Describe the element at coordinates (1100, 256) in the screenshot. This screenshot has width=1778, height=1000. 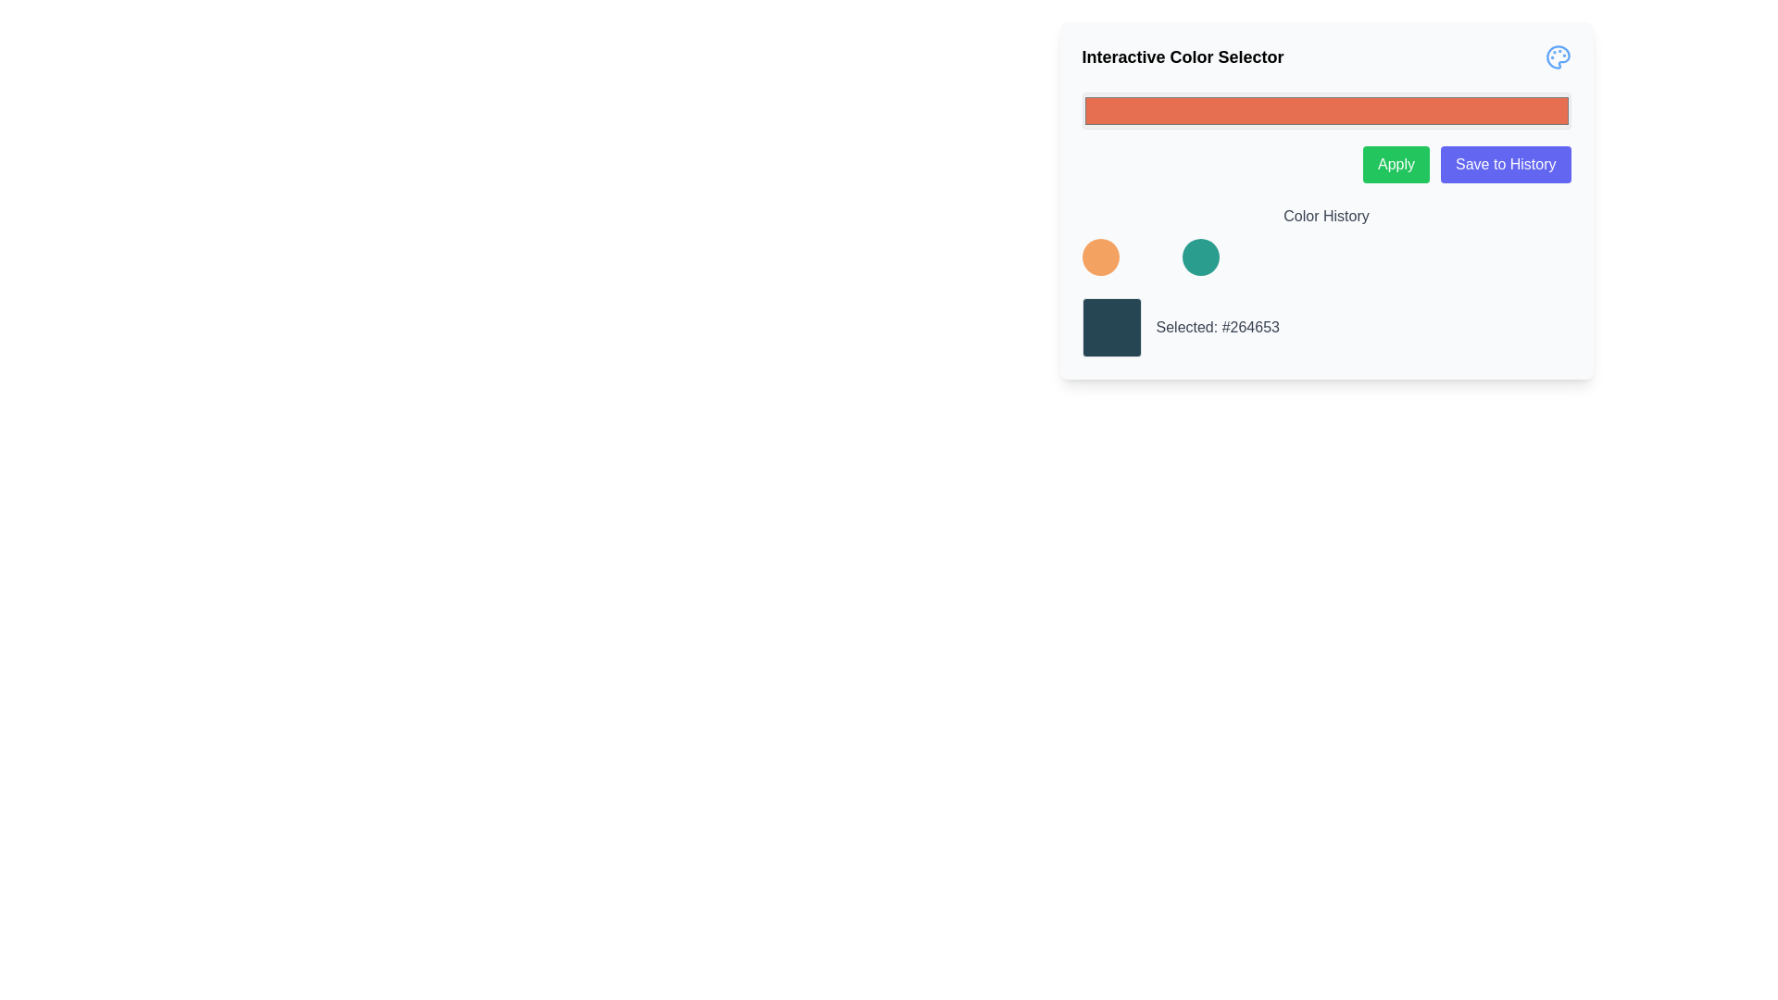
I see `the first circular color selector with an orange fill, located slightly above the center-right area of the interface` at that location.